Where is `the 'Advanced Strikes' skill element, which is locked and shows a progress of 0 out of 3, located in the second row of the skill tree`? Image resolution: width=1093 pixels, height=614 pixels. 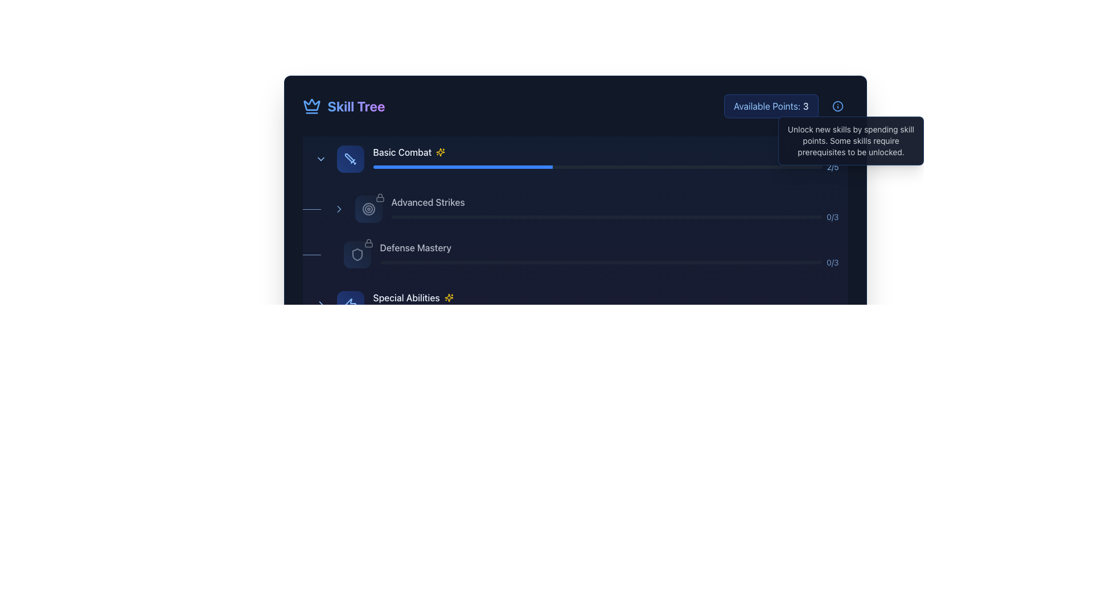
the 'Advanced Strikes' skill element, which is locked and shows a progress of 0 out of 3, located in the second row of the skill tree is located at coordinates (575, 209).